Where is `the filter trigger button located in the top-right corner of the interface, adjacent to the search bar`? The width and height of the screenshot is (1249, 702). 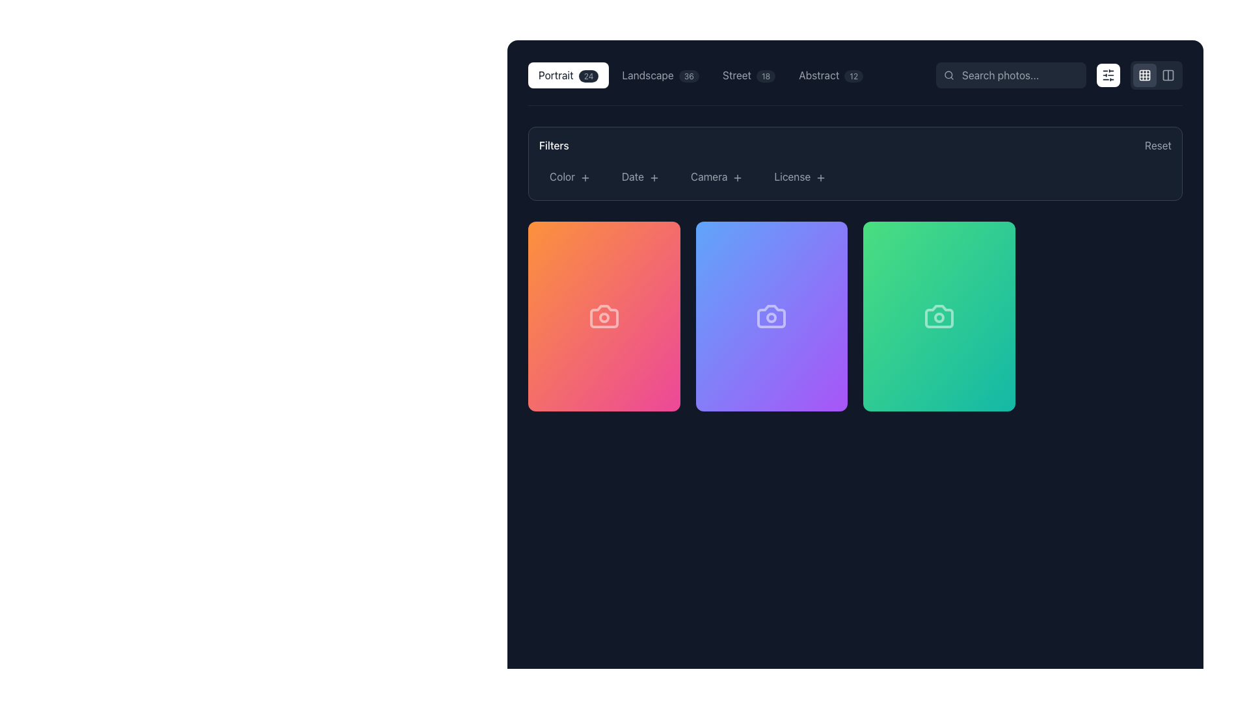 the filter trigger button located in the top-right corner of the interface, adjacent to the search bar is located at coordinates (1108, 75).